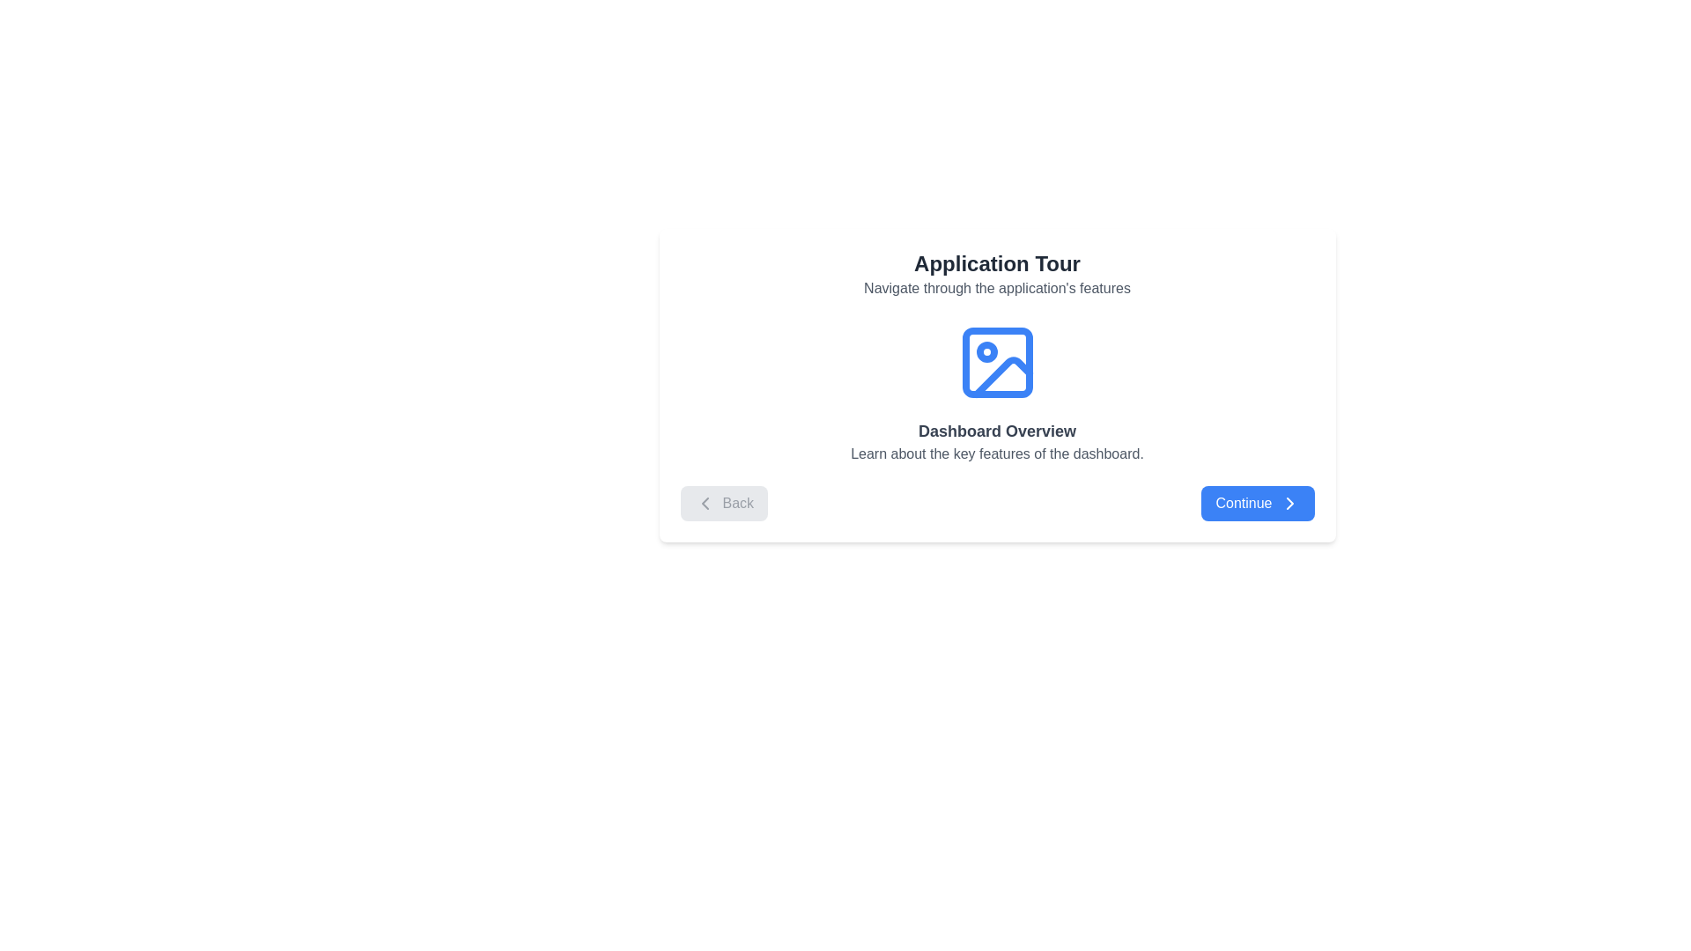 The height and width of the screenshot is (951, 1691). Describe the element at coordinates (1289, 503) in the screenshot. I see `the forward navigation icon located at the far right side of the 'Continue' button` at that location.